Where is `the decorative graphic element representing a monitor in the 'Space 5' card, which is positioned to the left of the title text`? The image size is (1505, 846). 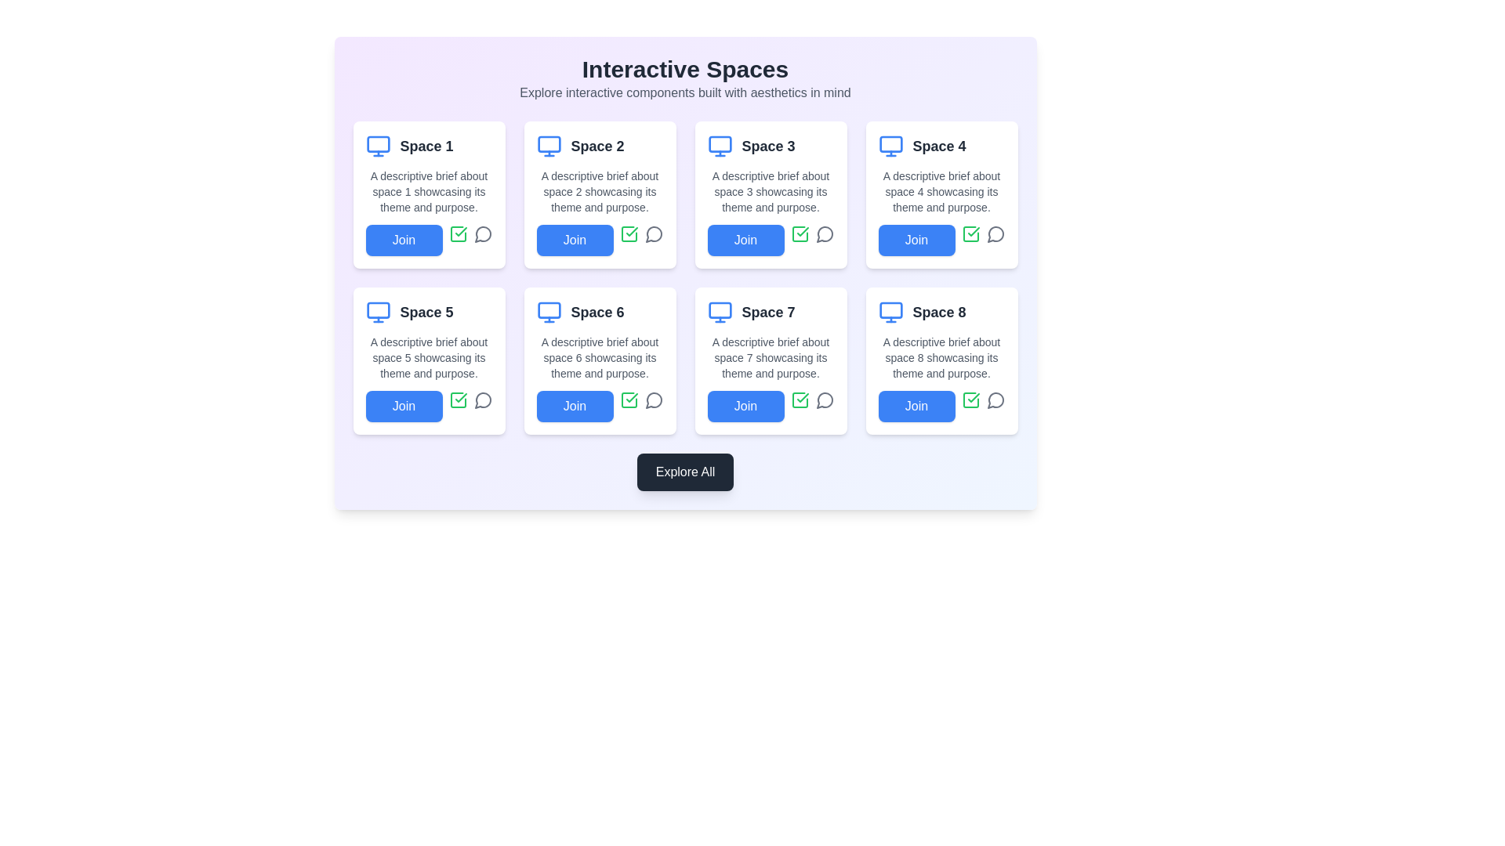 the decorative graphic element representing a monitor in the 'Space 5' card, which is positioned to the left of the title text is located at coordinates (378, 310).